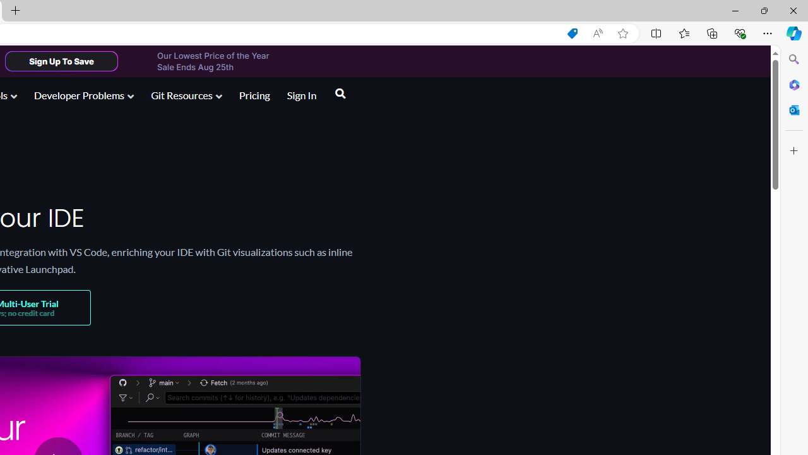 The height and width of the screenshot is (455, 808). Describe the element at coordinates (301, 96) in the screenshot. I see `'Sign In'` at that location.